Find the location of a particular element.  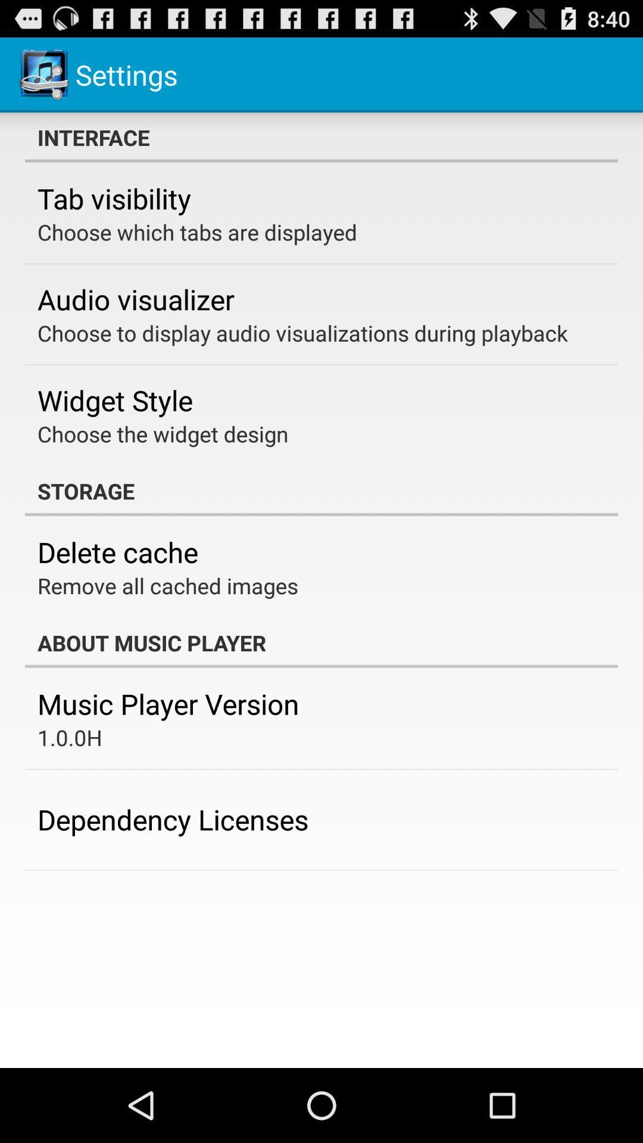

icon above the remove all cached app is located at coordinates (117, 551).